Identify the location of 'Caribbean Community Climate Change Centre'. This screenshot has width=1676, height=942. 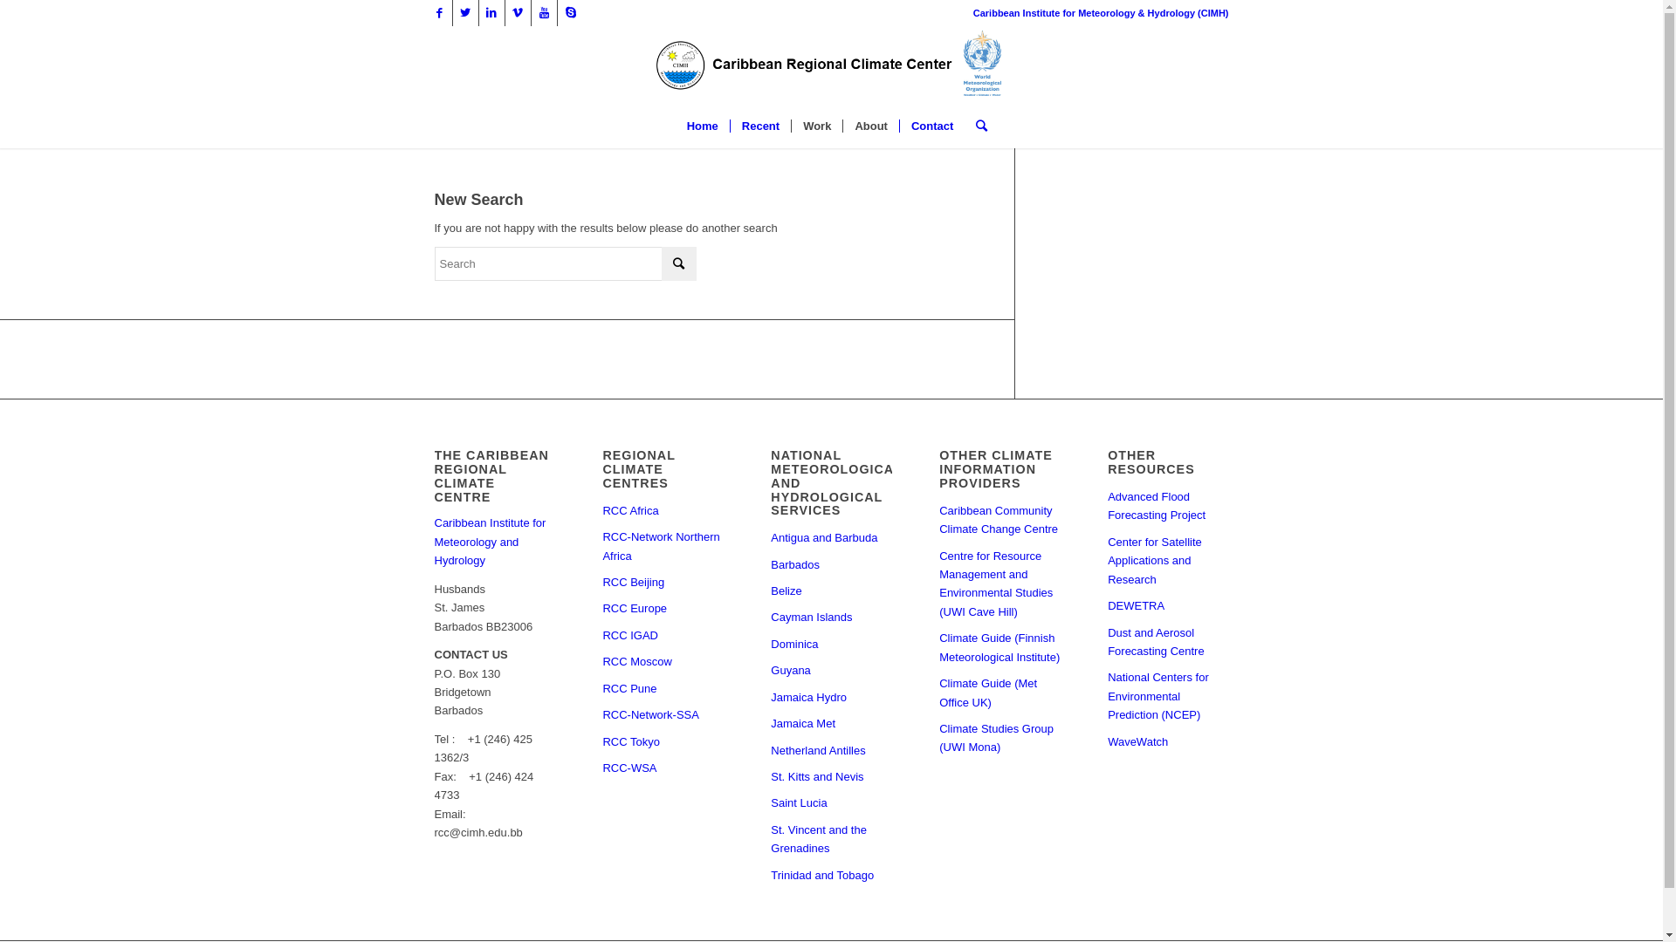
(999, 520).